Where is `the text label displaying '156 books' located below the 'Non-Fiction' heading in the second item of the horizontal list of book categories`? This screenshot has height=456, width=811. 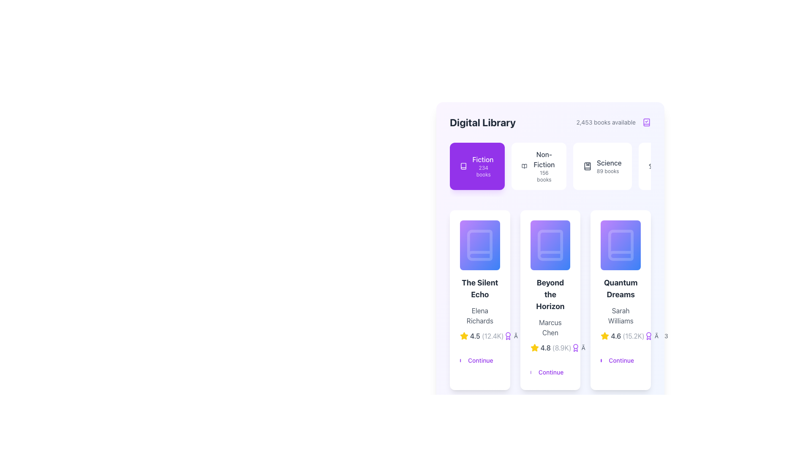
the text label displaying '156 books' located below the 'Non-Fiction' heading in the second item of the horizontal list of book categories is located at coordinates (544, 176).